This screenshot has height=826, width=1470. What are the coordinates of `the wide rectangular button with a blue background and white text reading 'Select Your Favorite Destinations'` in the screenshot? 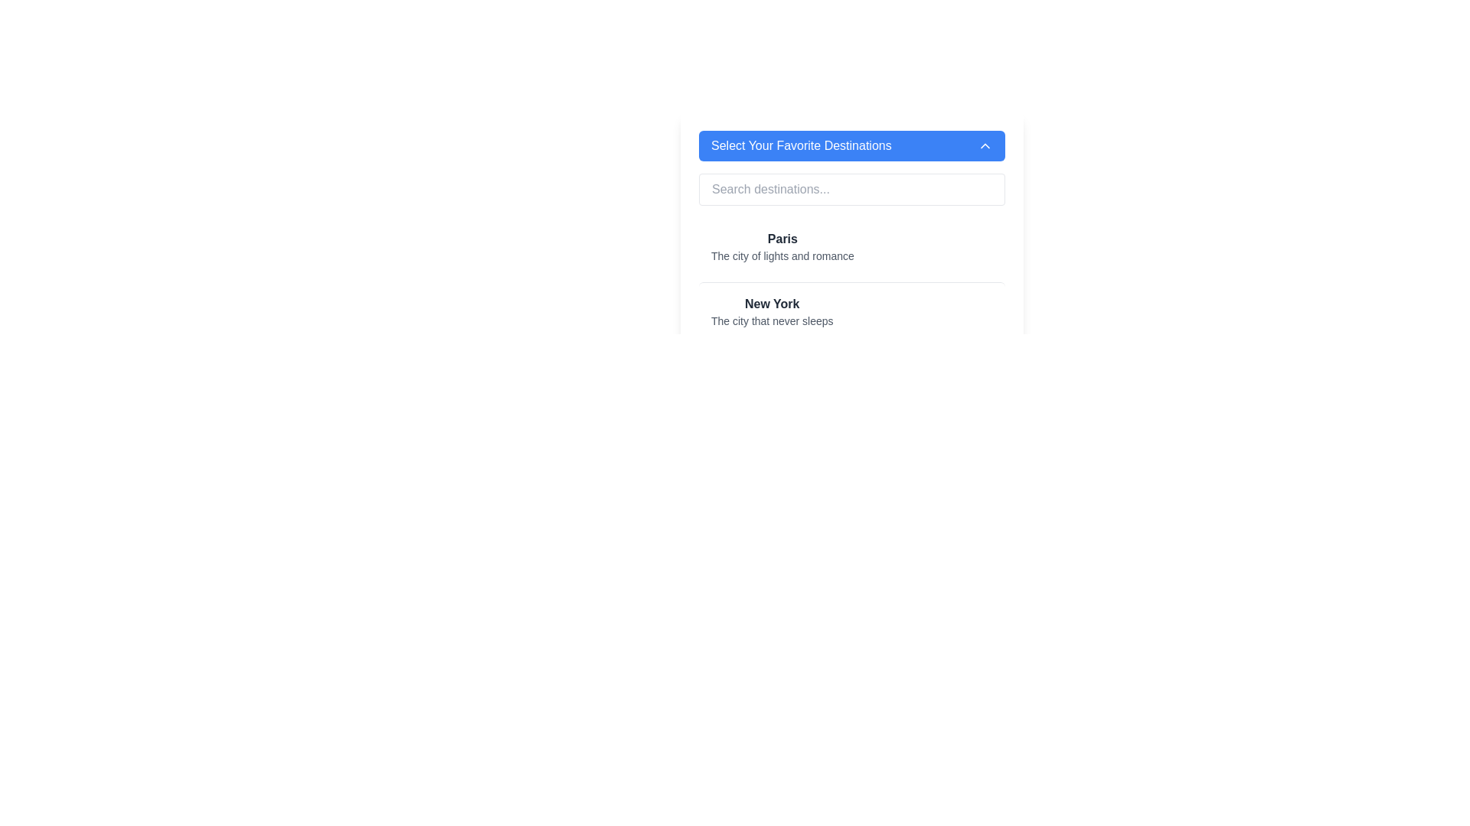 It's located at (851, 146).